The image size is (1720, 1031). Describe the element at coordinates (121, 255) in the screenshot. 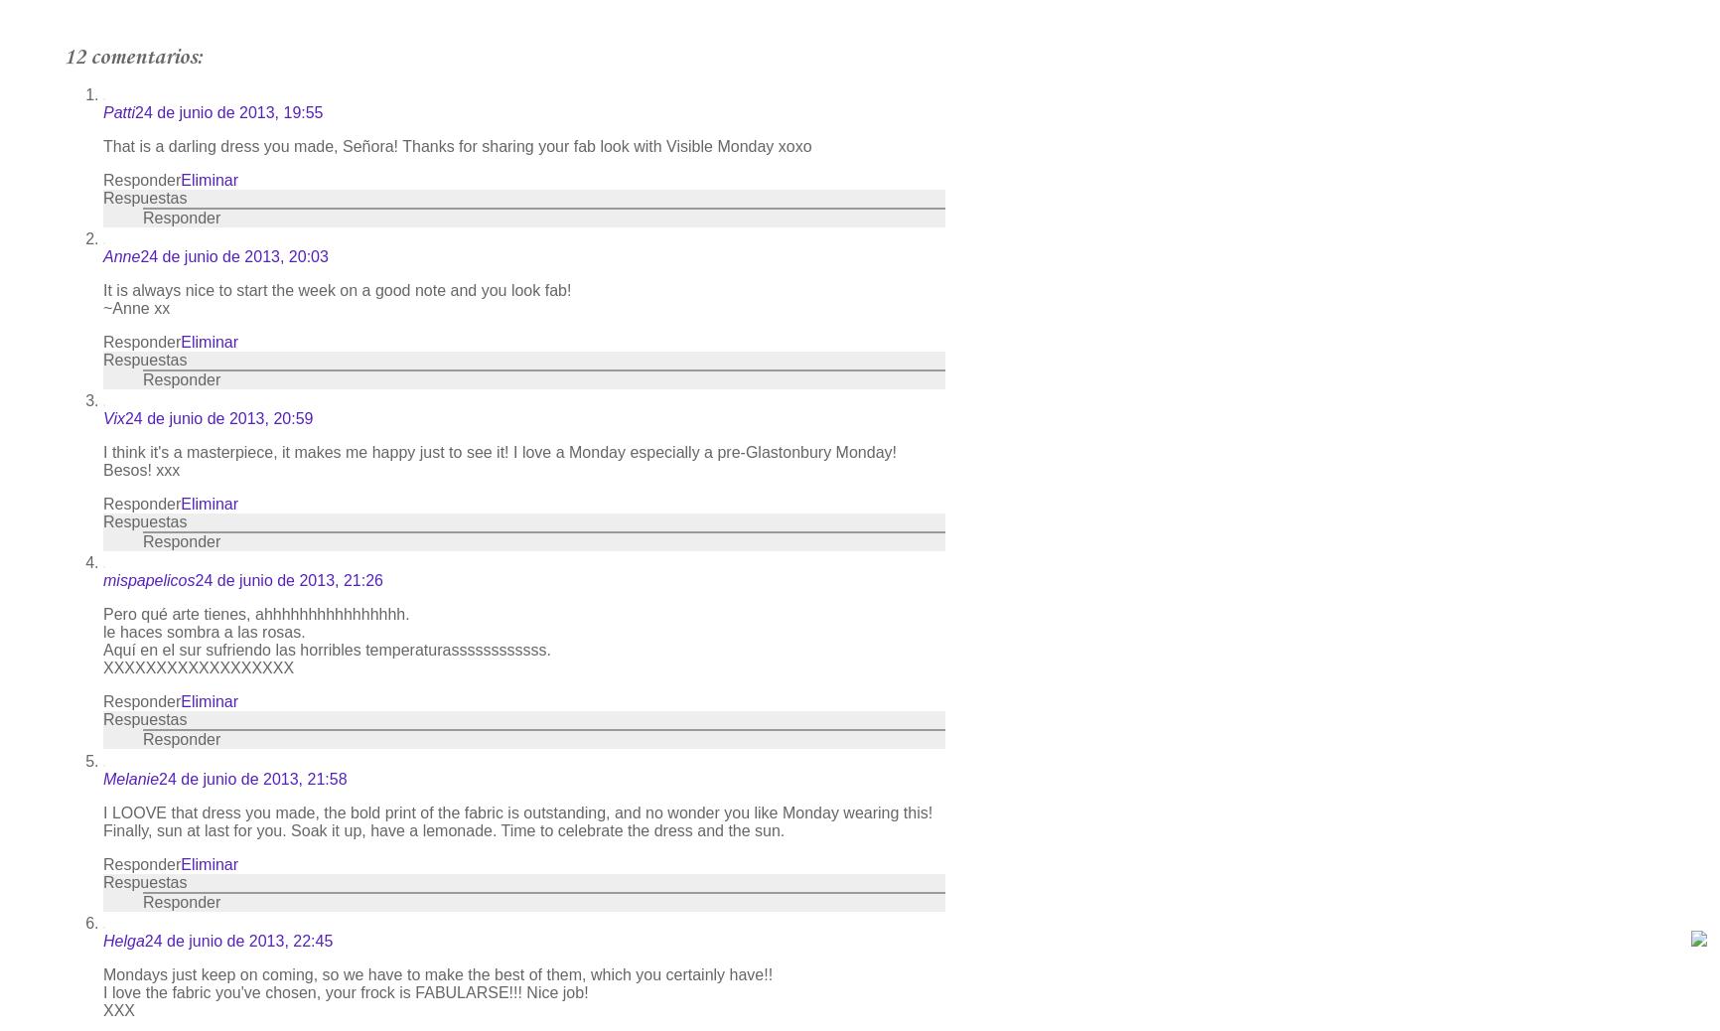

I see `'Anne'` at that location.